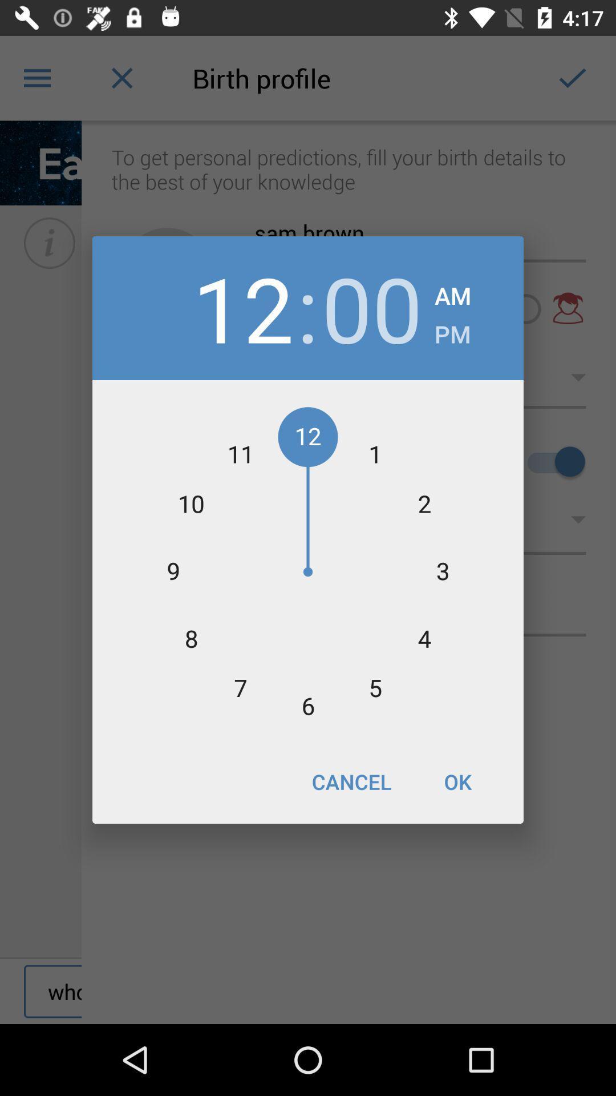 The image size is (616, 1096). I want to click on icon to the right of the cancel, so click(457, 781).